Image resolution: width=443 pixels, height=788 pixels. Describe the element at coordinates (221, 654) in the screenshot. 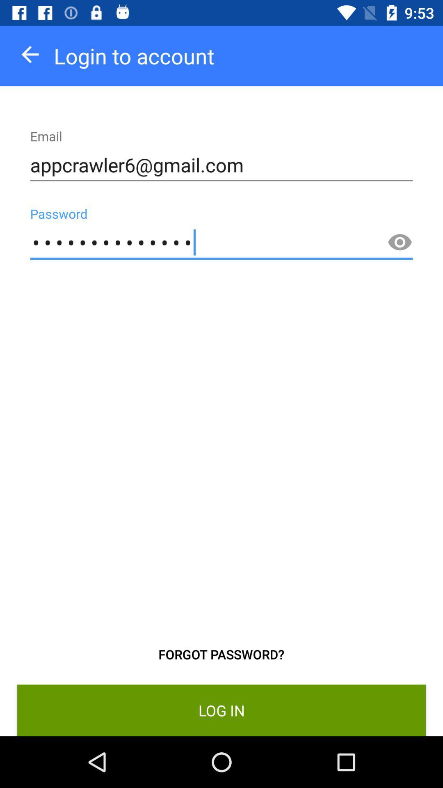

I see `the icon above the log in item` at that location.